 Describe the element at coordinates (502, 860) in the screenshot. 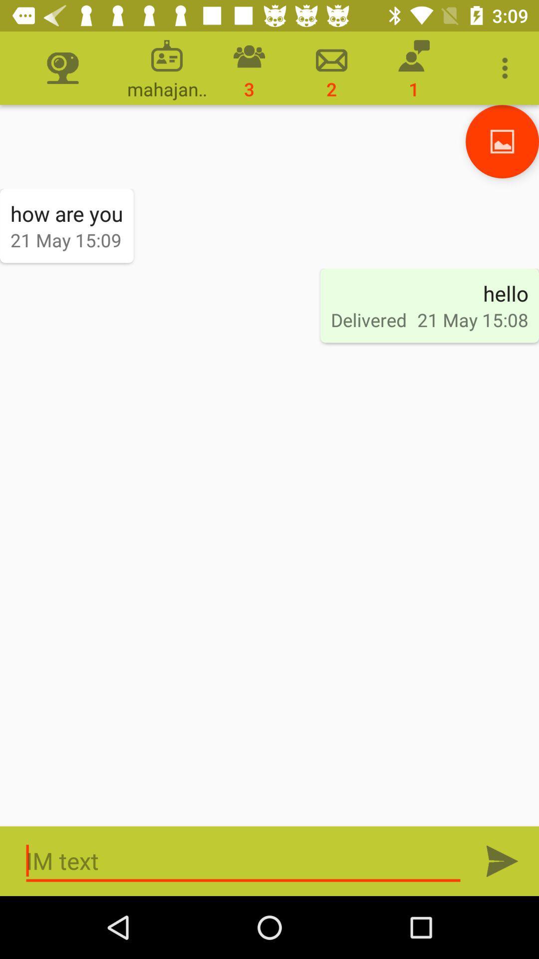

I see `the symbol at the bottom right corner of the page` at that location.